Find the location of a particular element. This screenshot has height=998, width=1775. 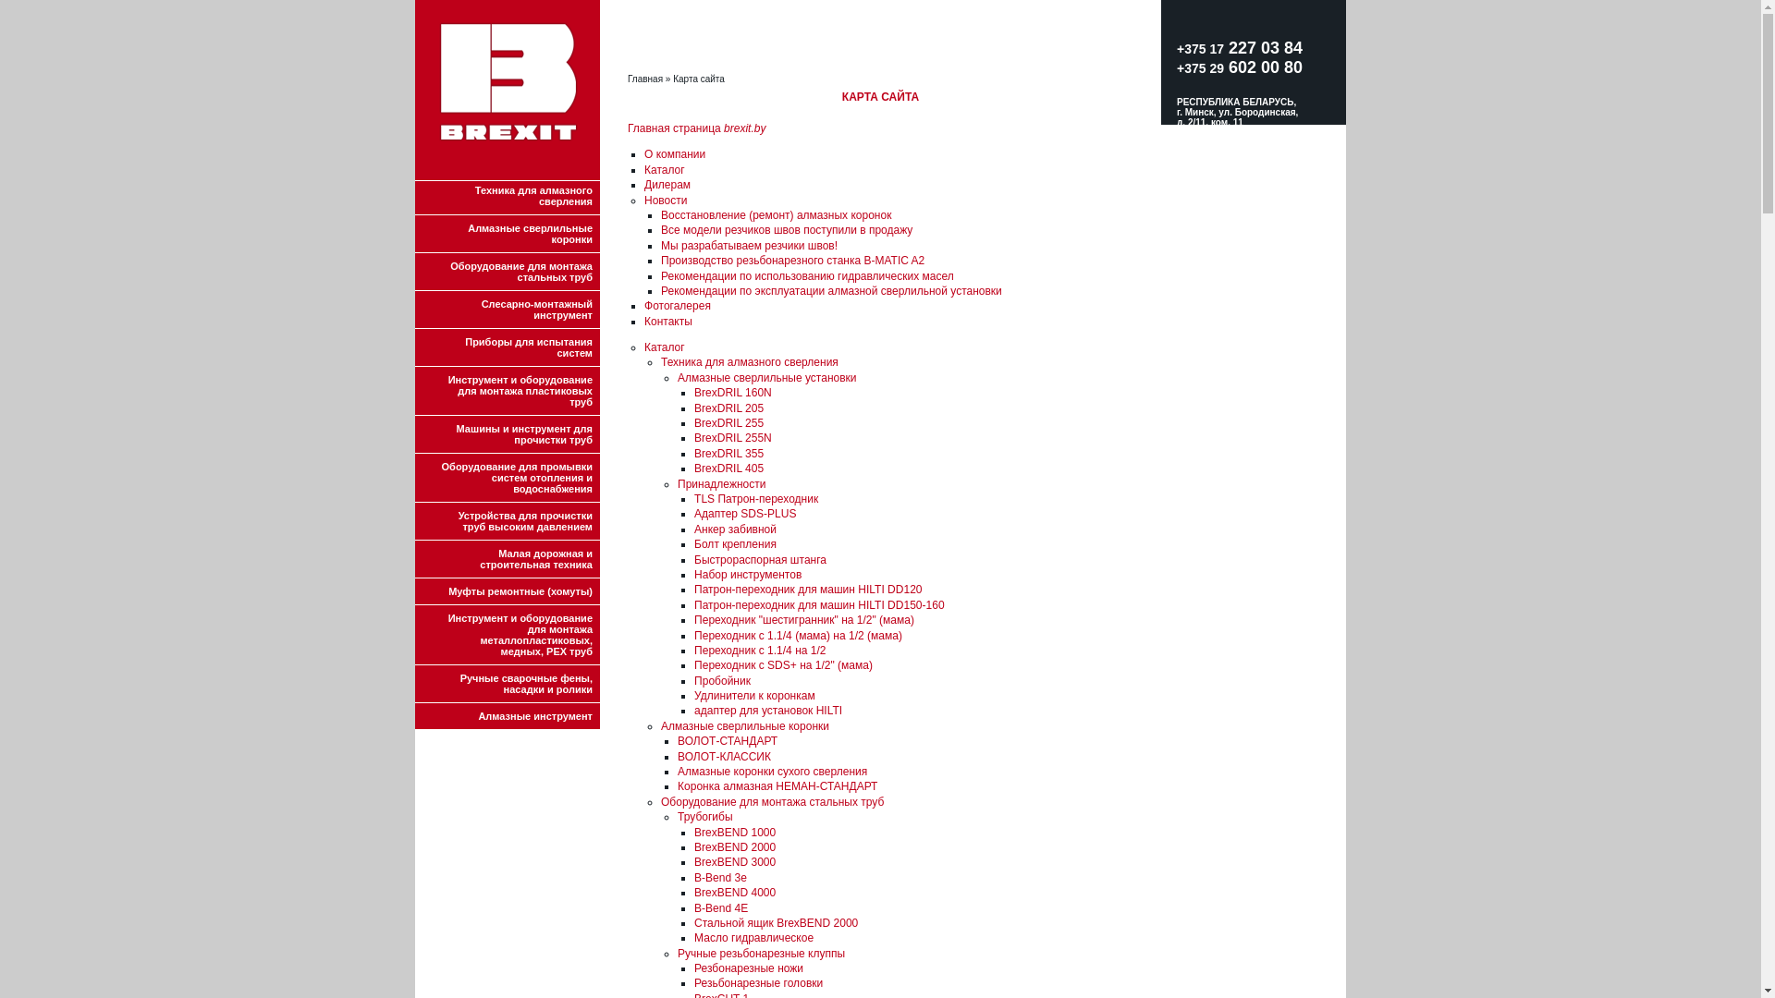

'B-Bend 3e' is located at coordinates (719, 876).